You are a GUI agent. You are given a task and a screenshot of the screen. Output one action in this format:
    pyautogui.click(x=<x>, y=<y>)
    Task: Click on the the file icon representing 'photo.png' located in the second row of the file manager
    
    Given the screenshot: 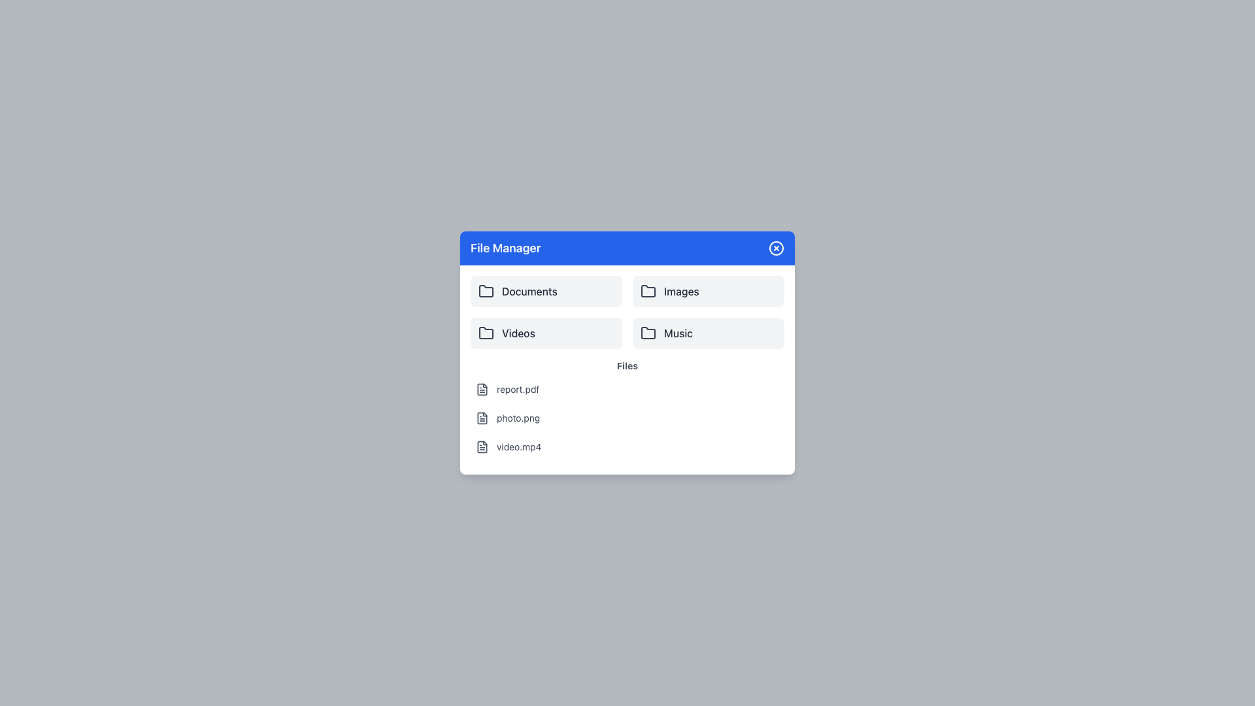 What is the action you would take?
    pyautogui.click(x=482, y=418)
    